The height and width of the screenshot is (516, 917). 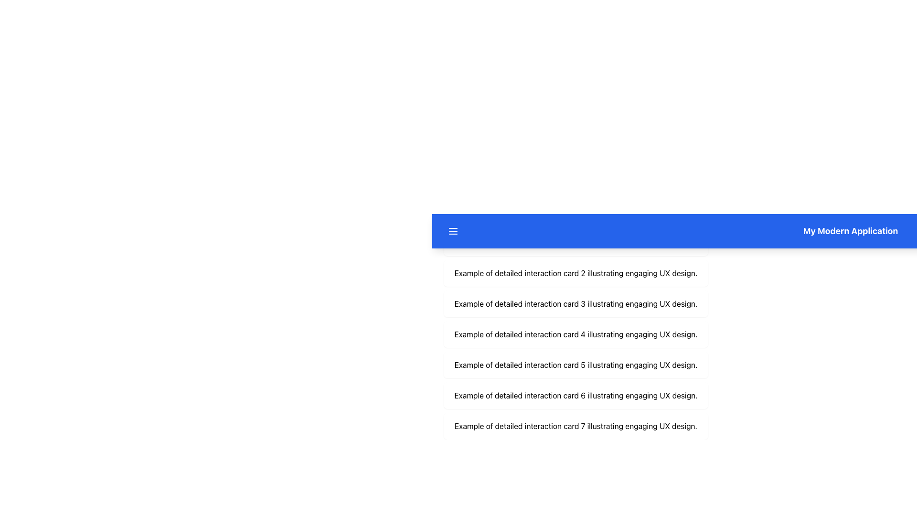 What do you see at coordinates (453, 231) in the screenshot?
I see `the menu toggle button located on the leftmost side of the header bar` at bounding box center [453, 231].